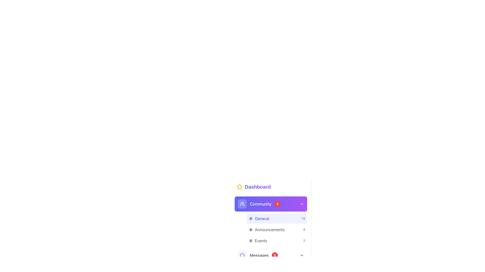 The image size is (485, 272). Describe the element at coordinates (259, 204) in the screenshot. I see `the 'Community' navigation link with a badge showing the count of three to track the count change for updates` at that location.